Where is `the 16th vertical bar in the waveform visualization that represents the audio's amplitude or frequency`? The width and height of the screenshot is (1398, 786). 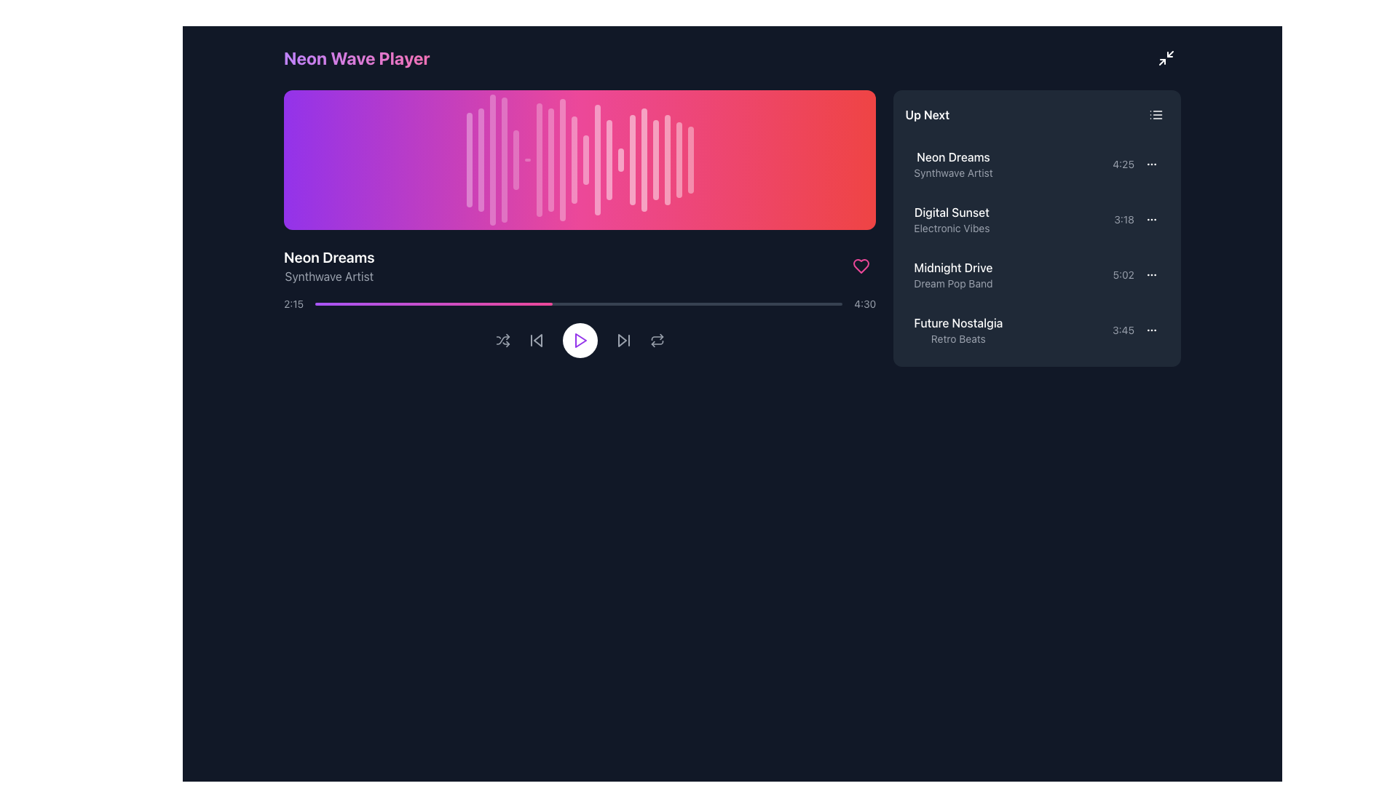 the 16th vertical bar in the waveform visualization that represents the audio's amplitude or frequency is located at coordinates (643, 159).